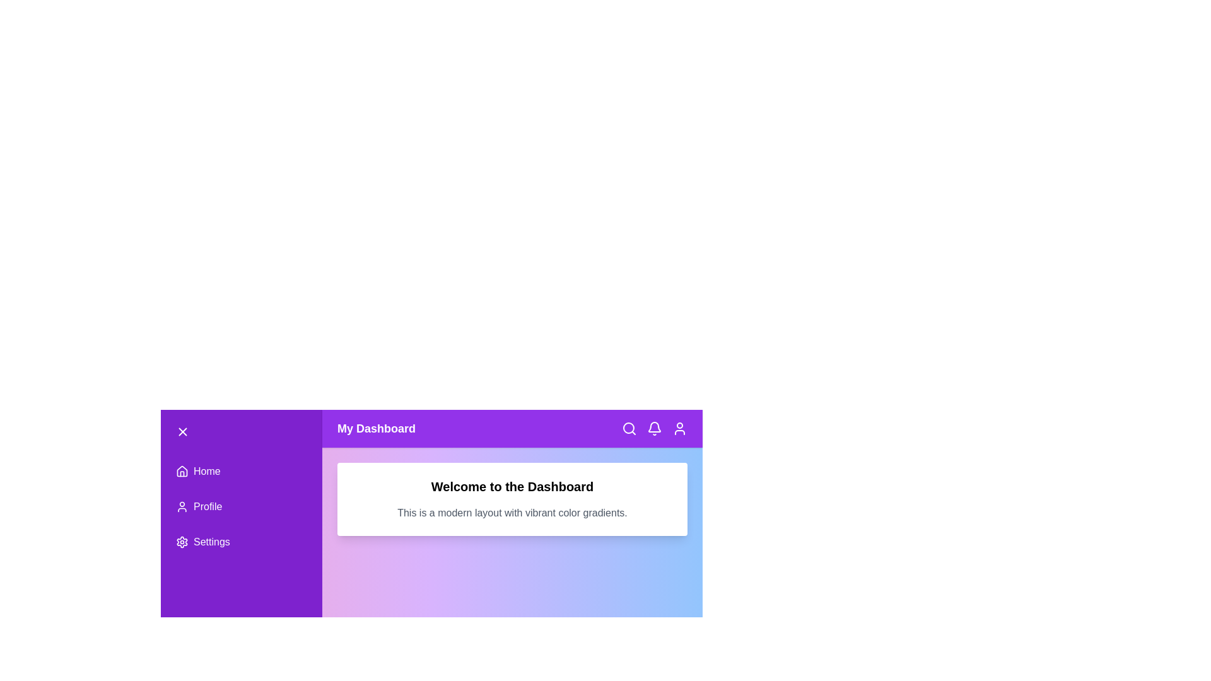 This screenshot has height=681, width=1211. What do you see at coordinates (242, 472) in the screenshot?
I see `the 'Home' menu item` at bounding box center [242, 472].